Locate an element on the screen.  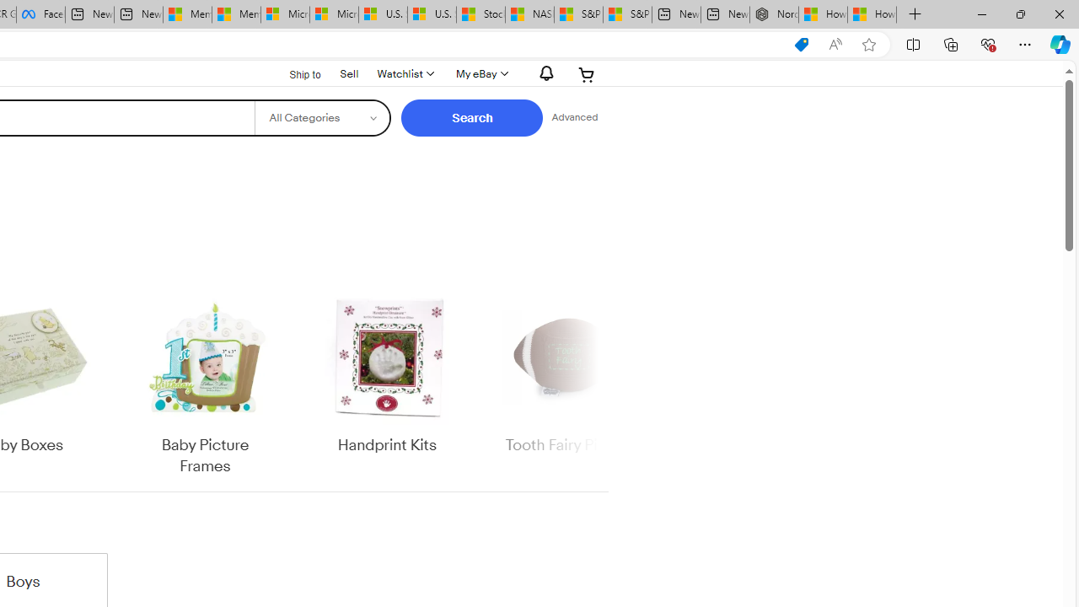
'Minimize' is located at coordinates (981, 13).